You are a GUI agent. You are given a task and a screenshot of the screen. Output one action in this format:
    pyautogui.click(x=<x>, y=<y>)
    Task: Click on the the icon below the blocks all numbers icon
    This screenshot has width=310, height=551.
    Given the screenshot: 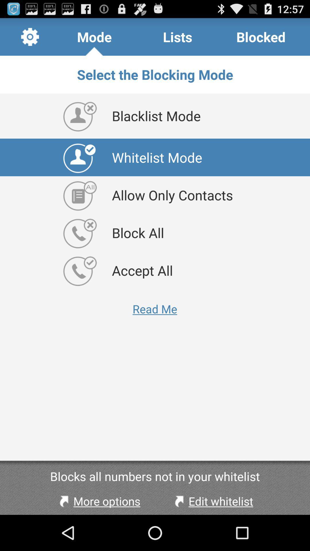 What is the action you would take?
    pyautogui.click(x=98, y=501)
    